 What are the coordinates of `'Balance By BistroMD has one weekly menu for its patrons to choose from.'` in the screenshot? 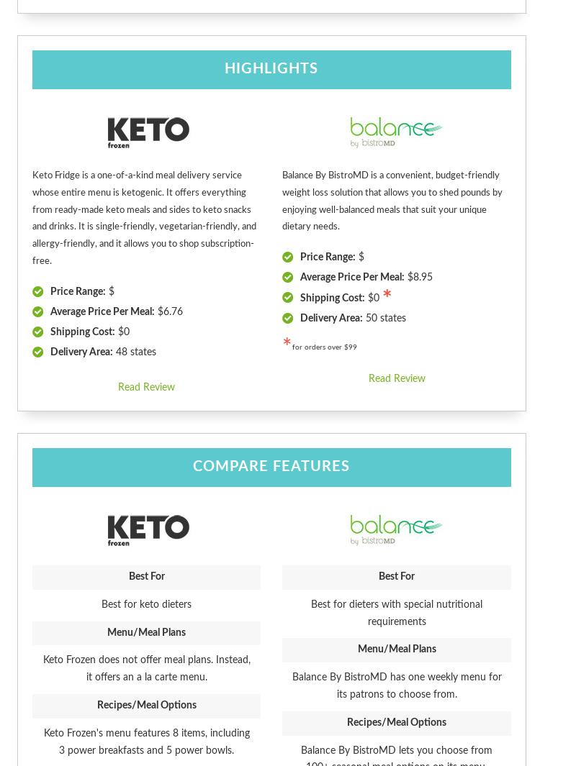 It's located at (396, 686).